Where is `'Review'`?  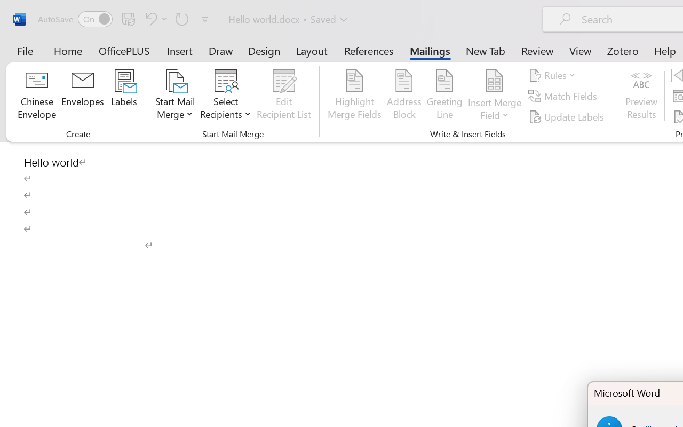
'Review' is located at coordinates (537, 50).